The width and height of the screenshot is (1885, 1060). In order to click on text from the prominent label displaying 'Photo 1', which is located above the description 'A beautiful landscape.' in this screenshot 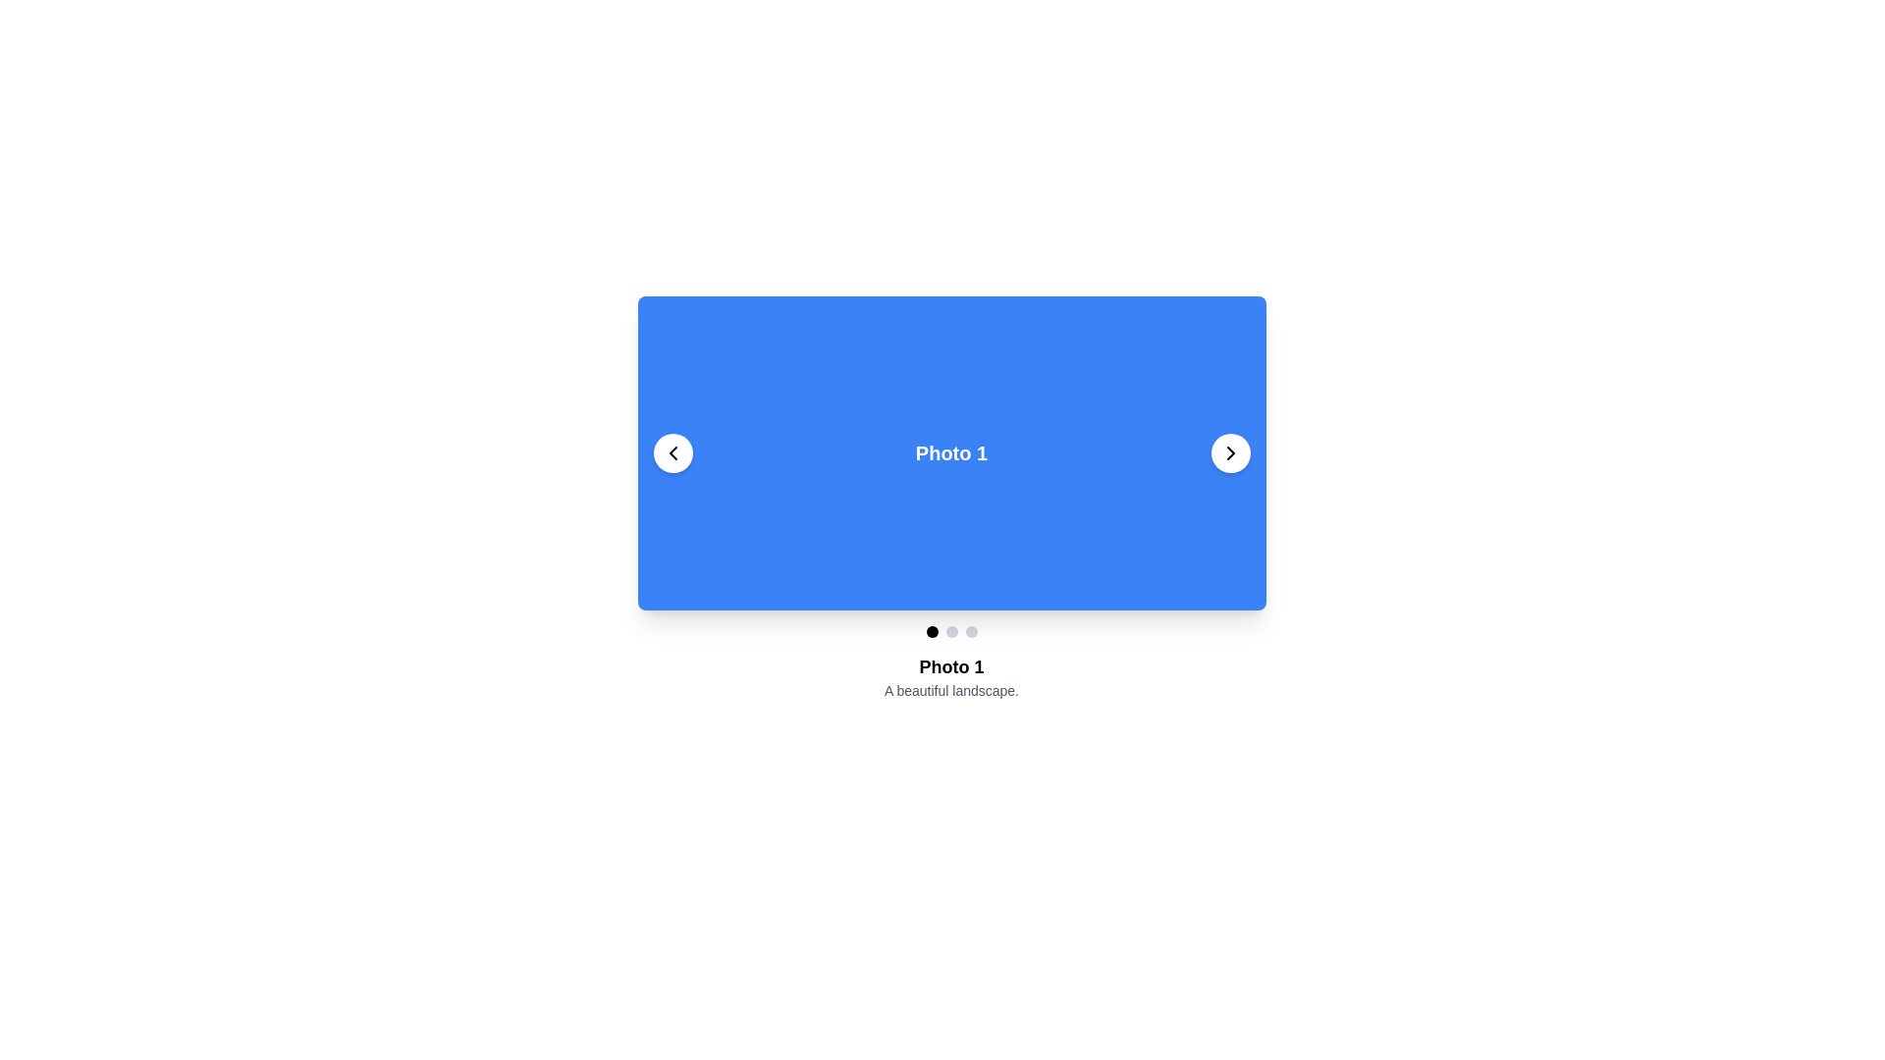, I will do `click(951, 665)`.